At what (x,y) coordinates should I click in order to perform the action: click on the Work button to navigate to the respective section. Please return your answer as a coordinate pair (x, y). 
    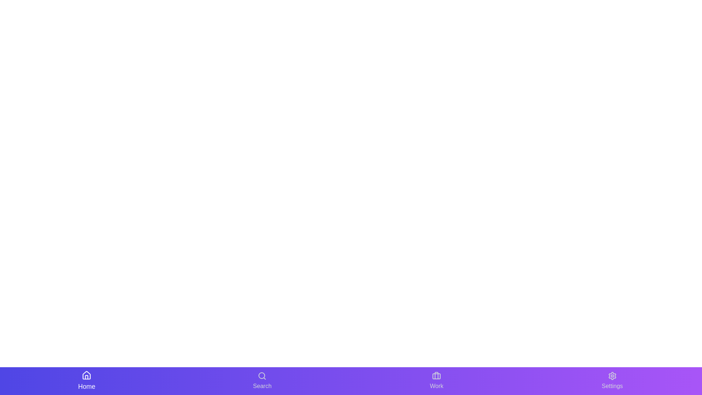
    Looking at the image, I should click on (437, 380).